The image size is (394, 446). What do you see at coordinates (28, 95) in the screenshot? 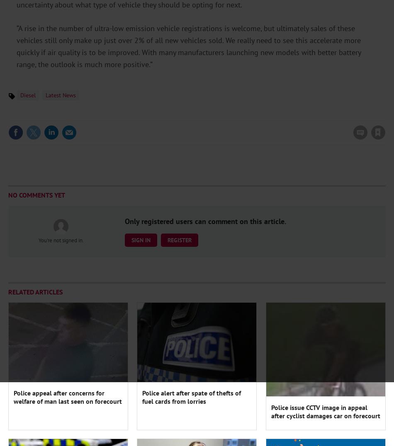
I see `'Diesel'` at bounding box center [28, 95].